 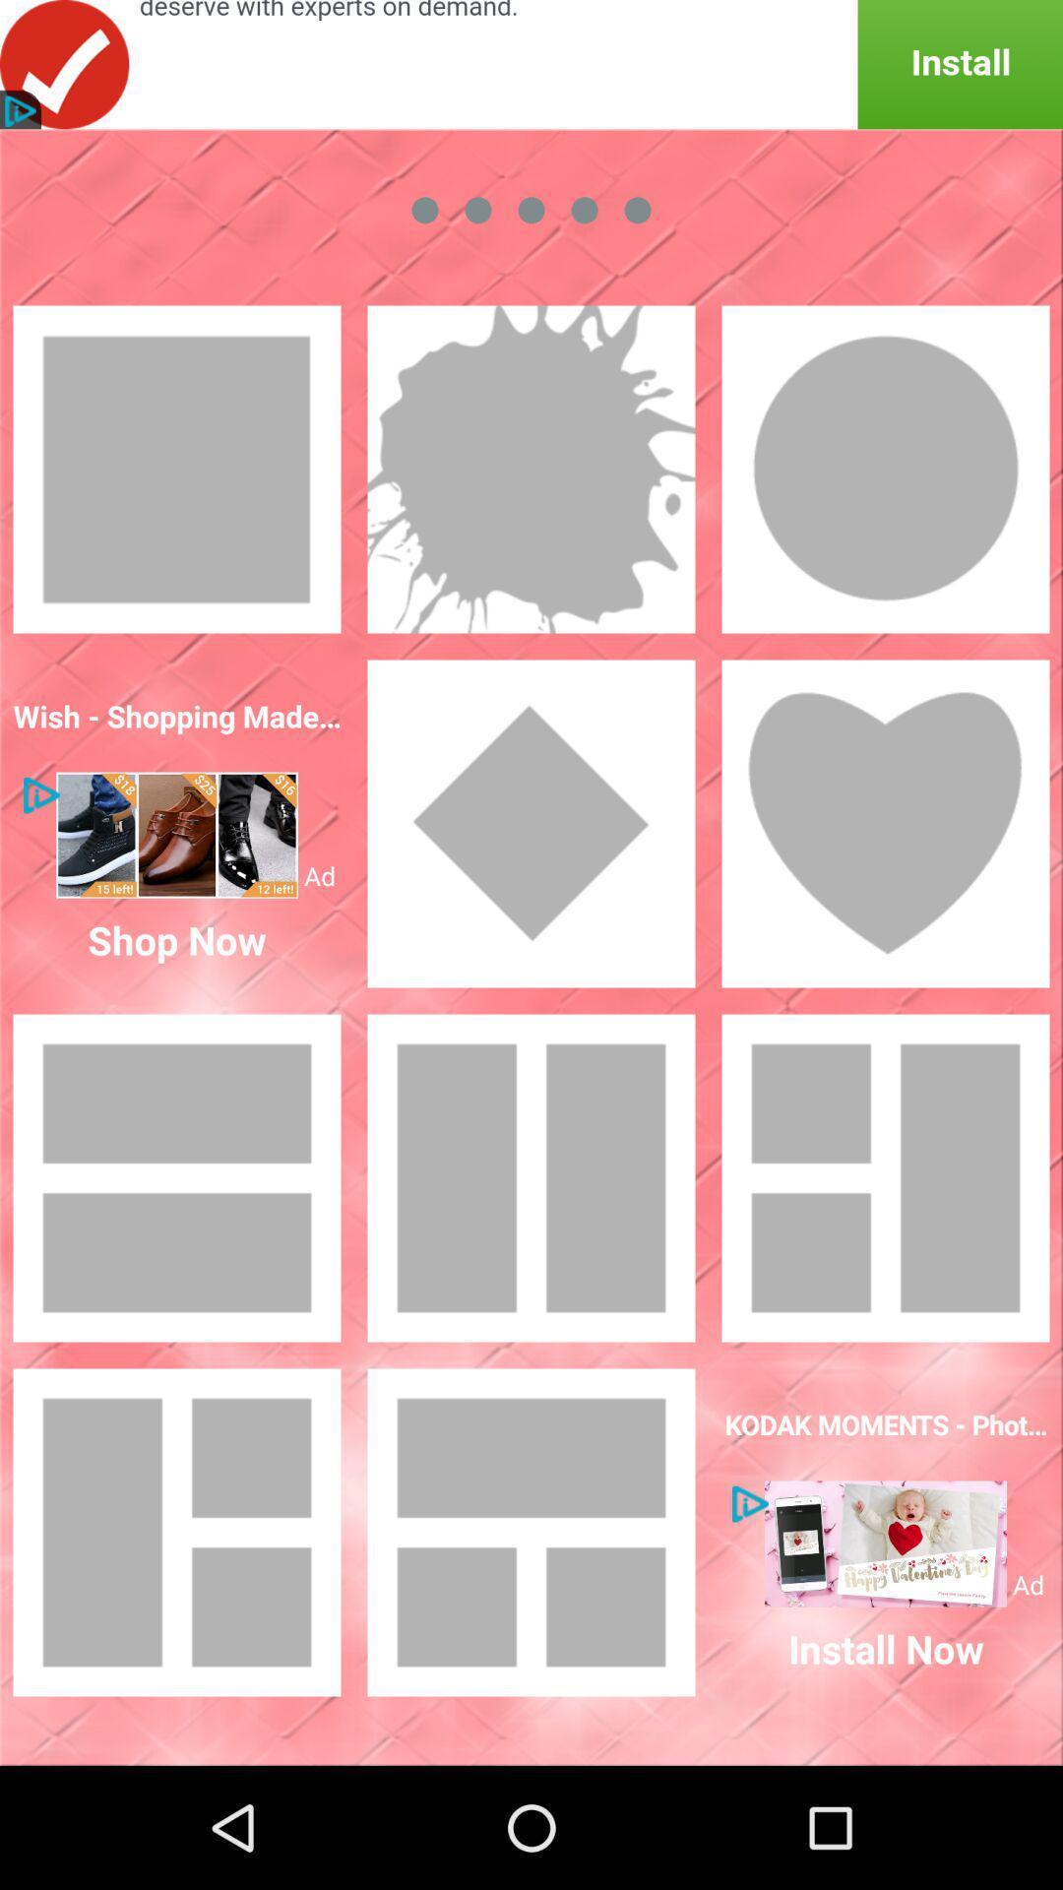 I want to click on for image, so click(x=177, y=835).